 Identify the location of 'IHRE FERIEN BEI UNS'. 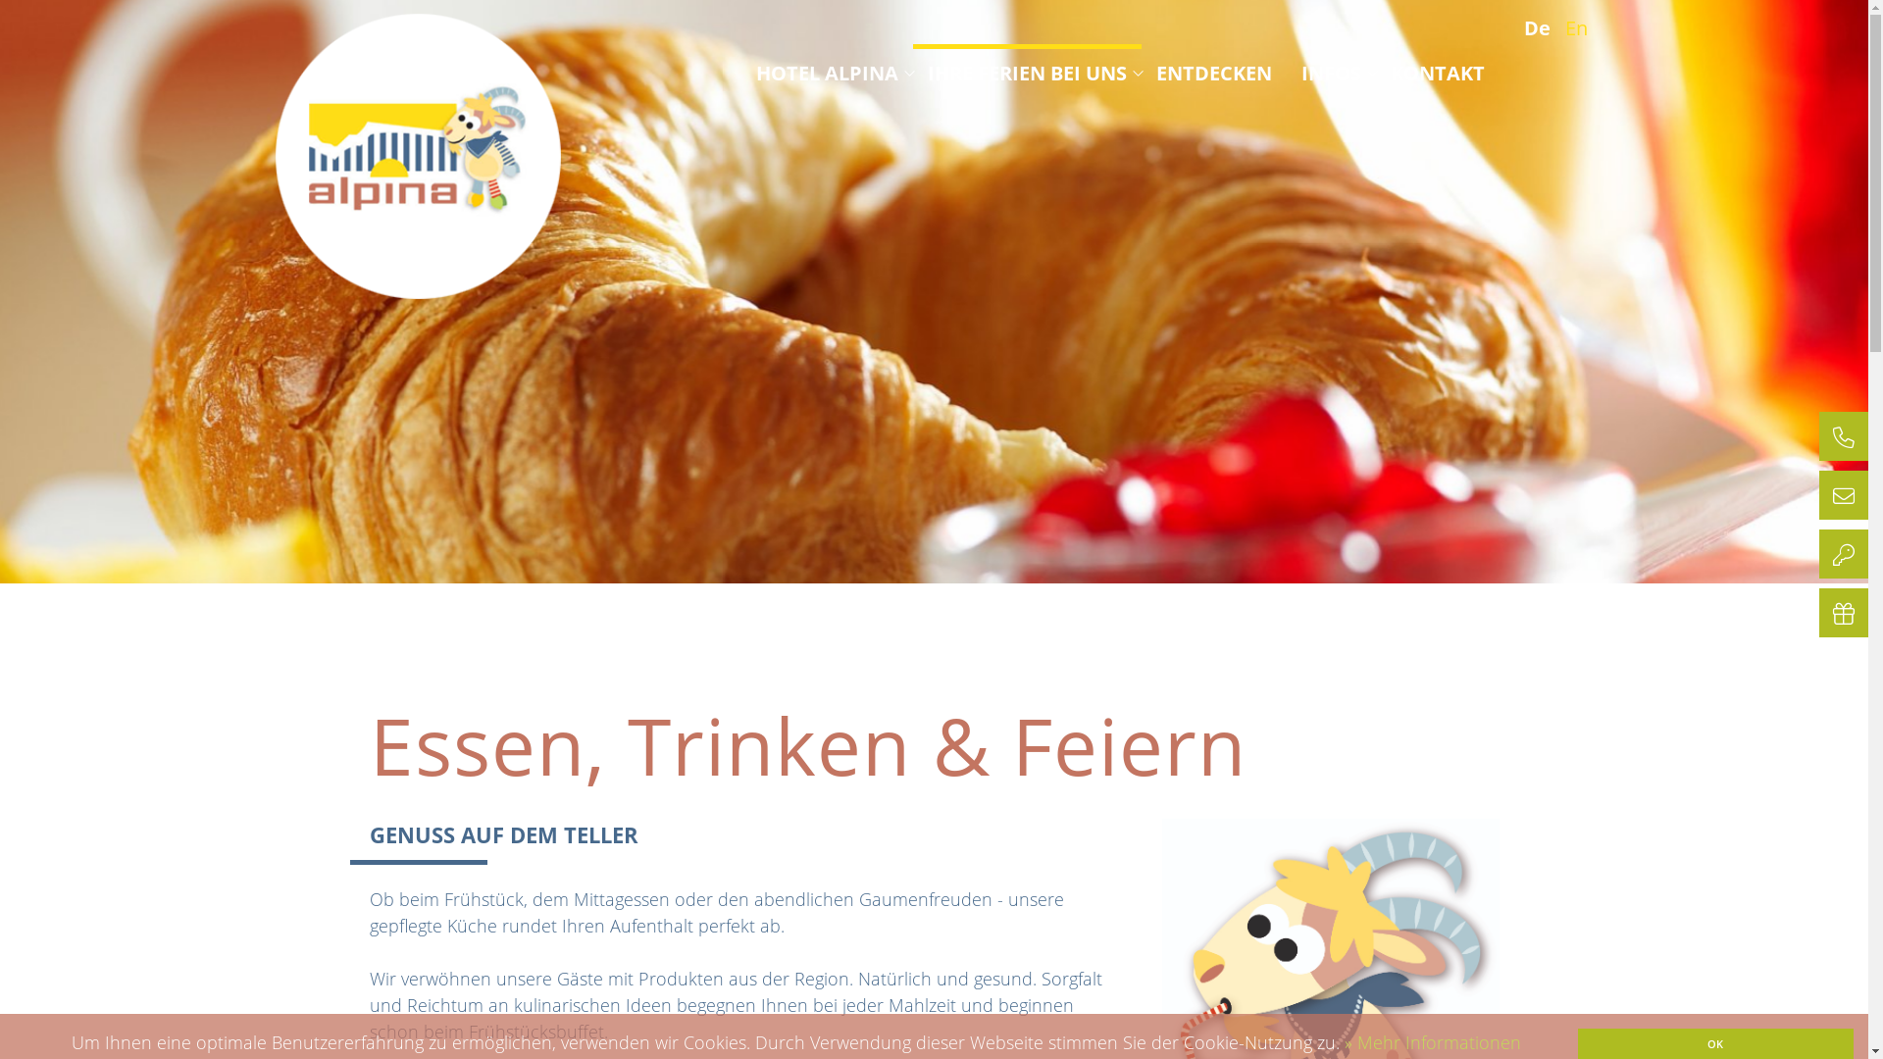
(1026, 72).